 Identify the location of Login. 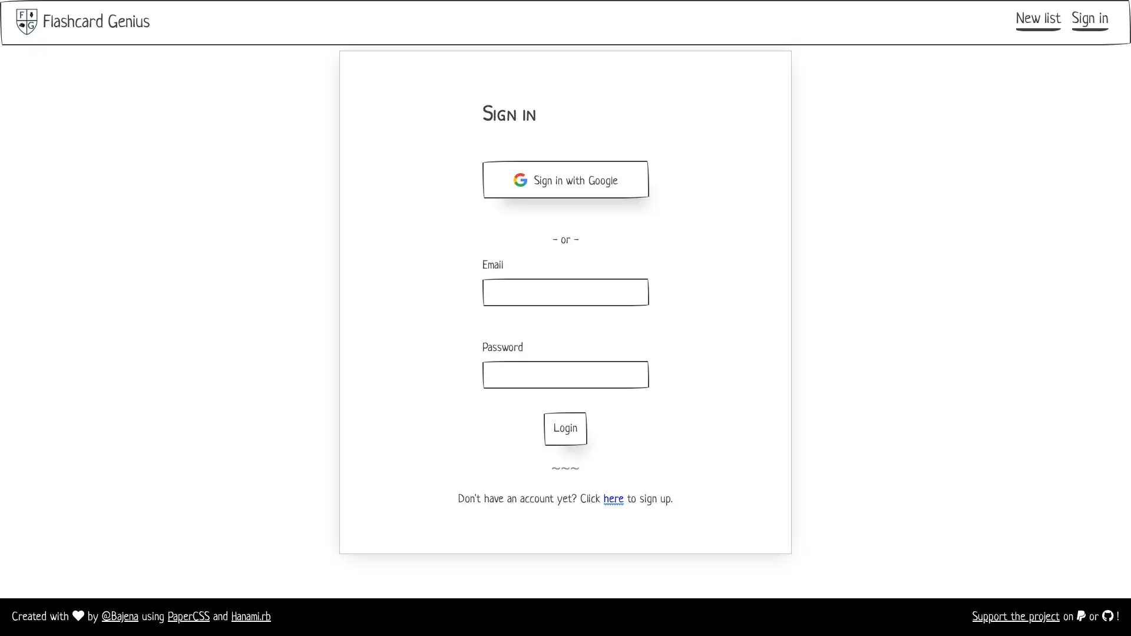
(565, 429).